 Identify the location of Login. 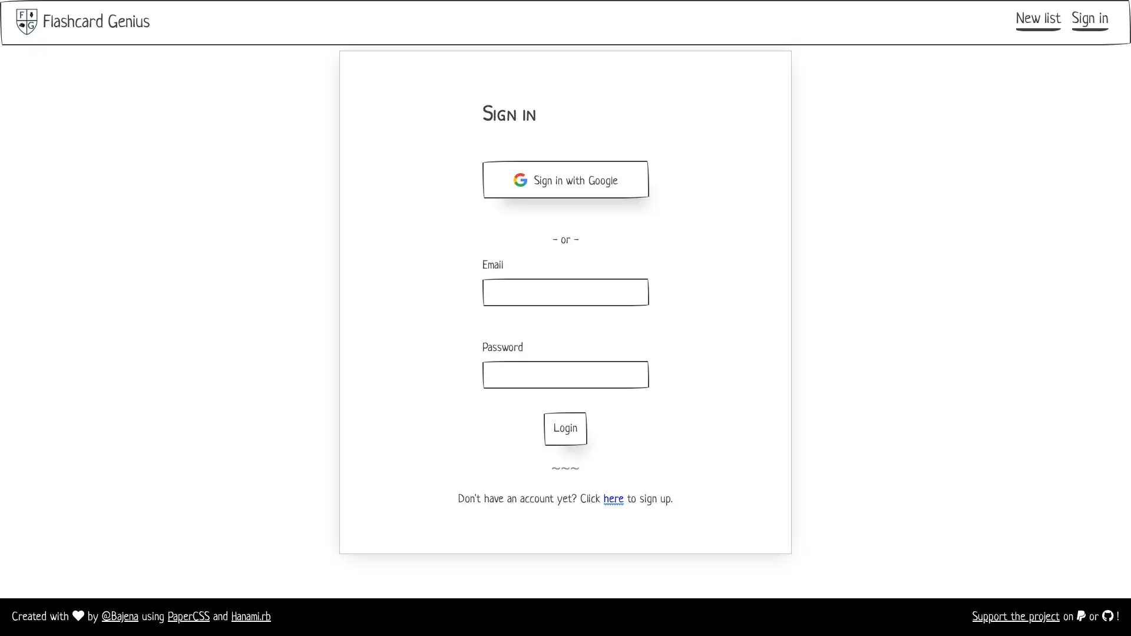
(565, 429).